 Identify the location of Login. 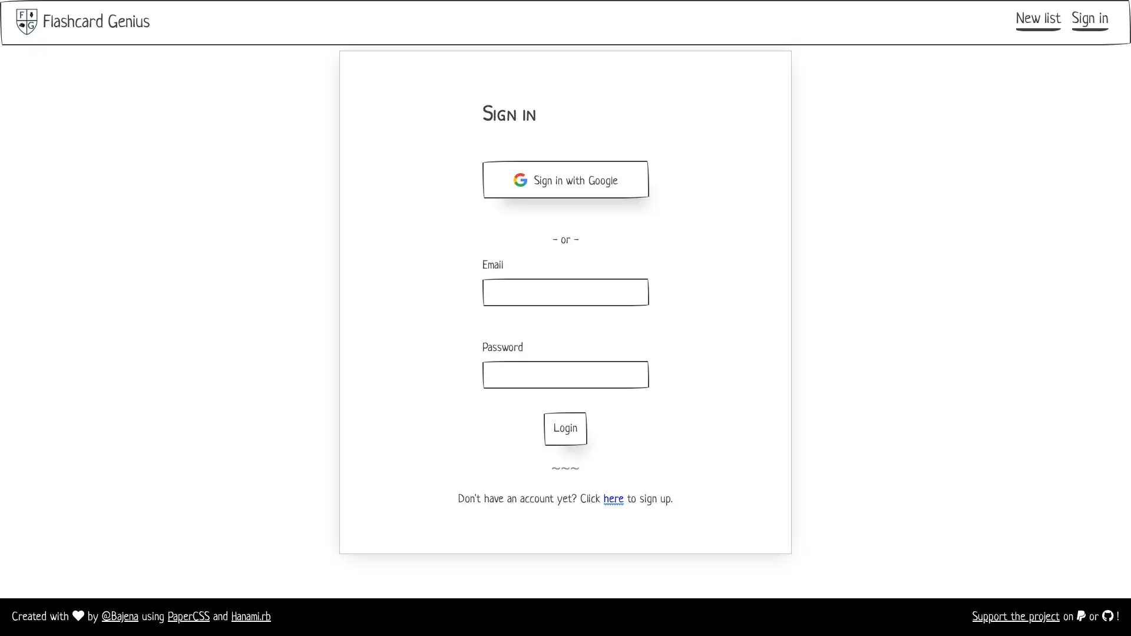
(565, 429).